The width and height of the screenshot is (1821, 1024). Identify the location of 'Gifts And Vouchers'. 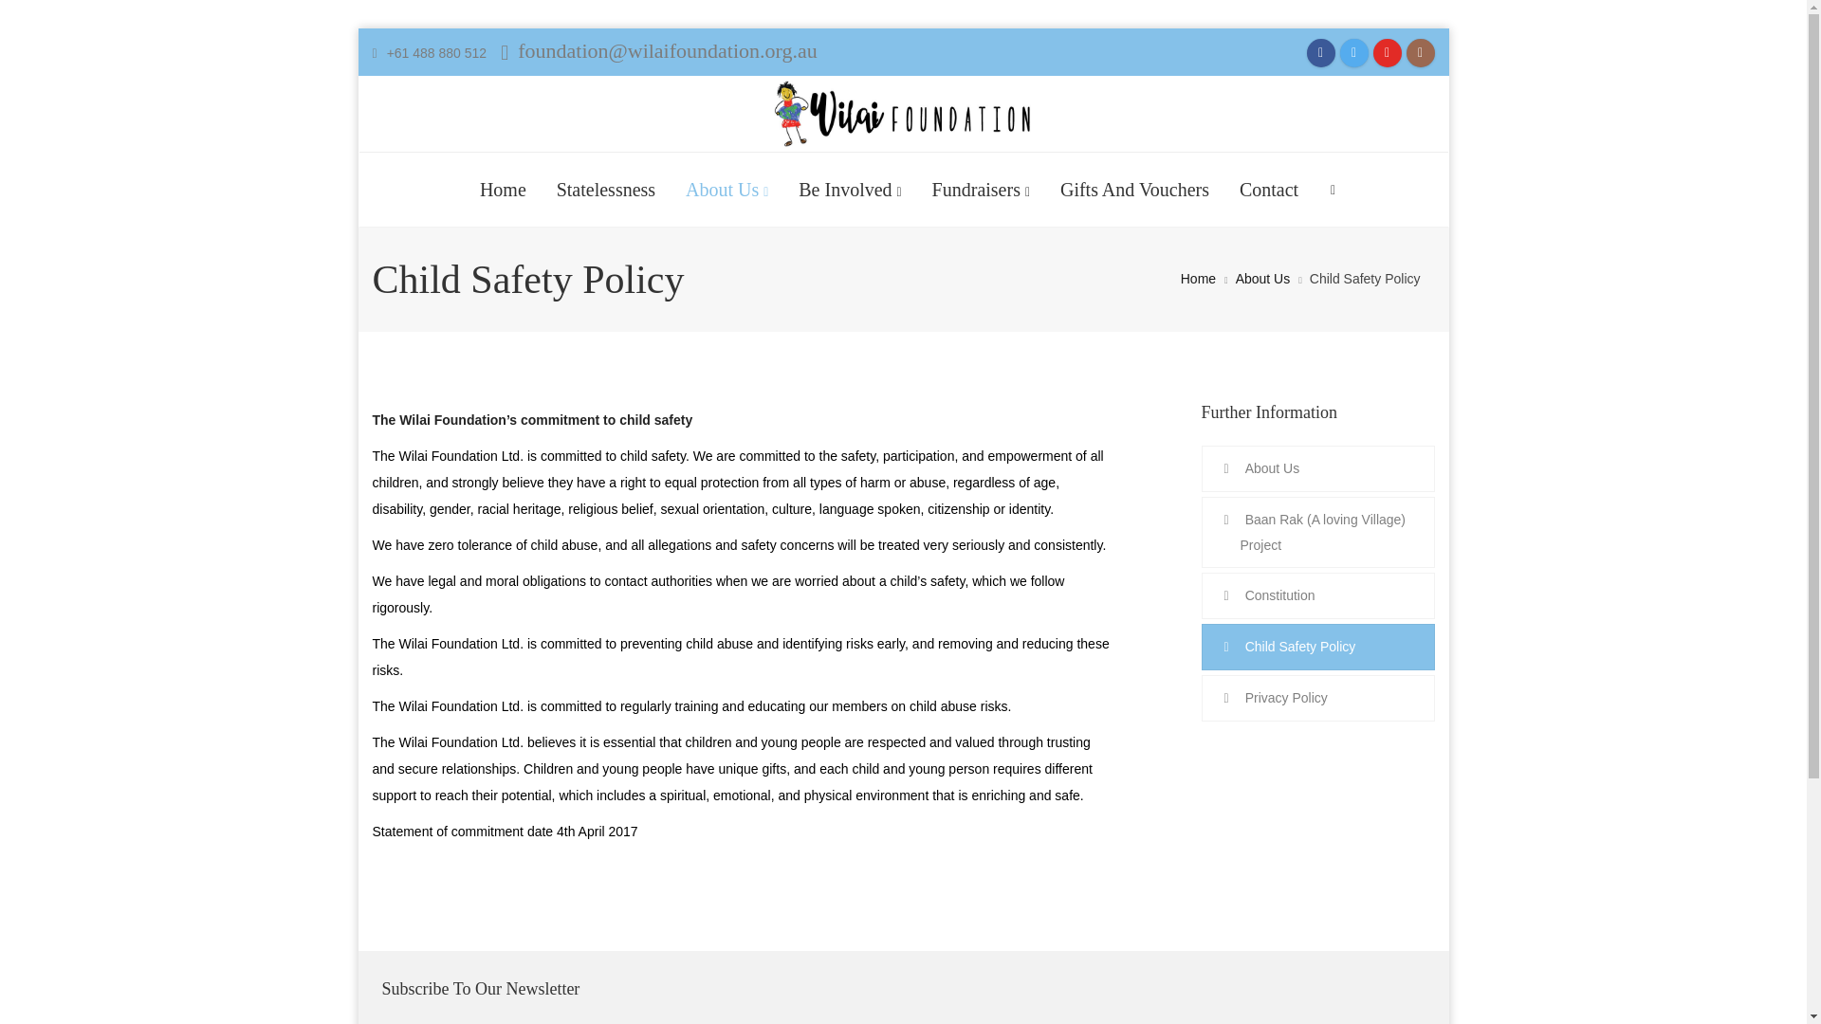
(1134, 190).